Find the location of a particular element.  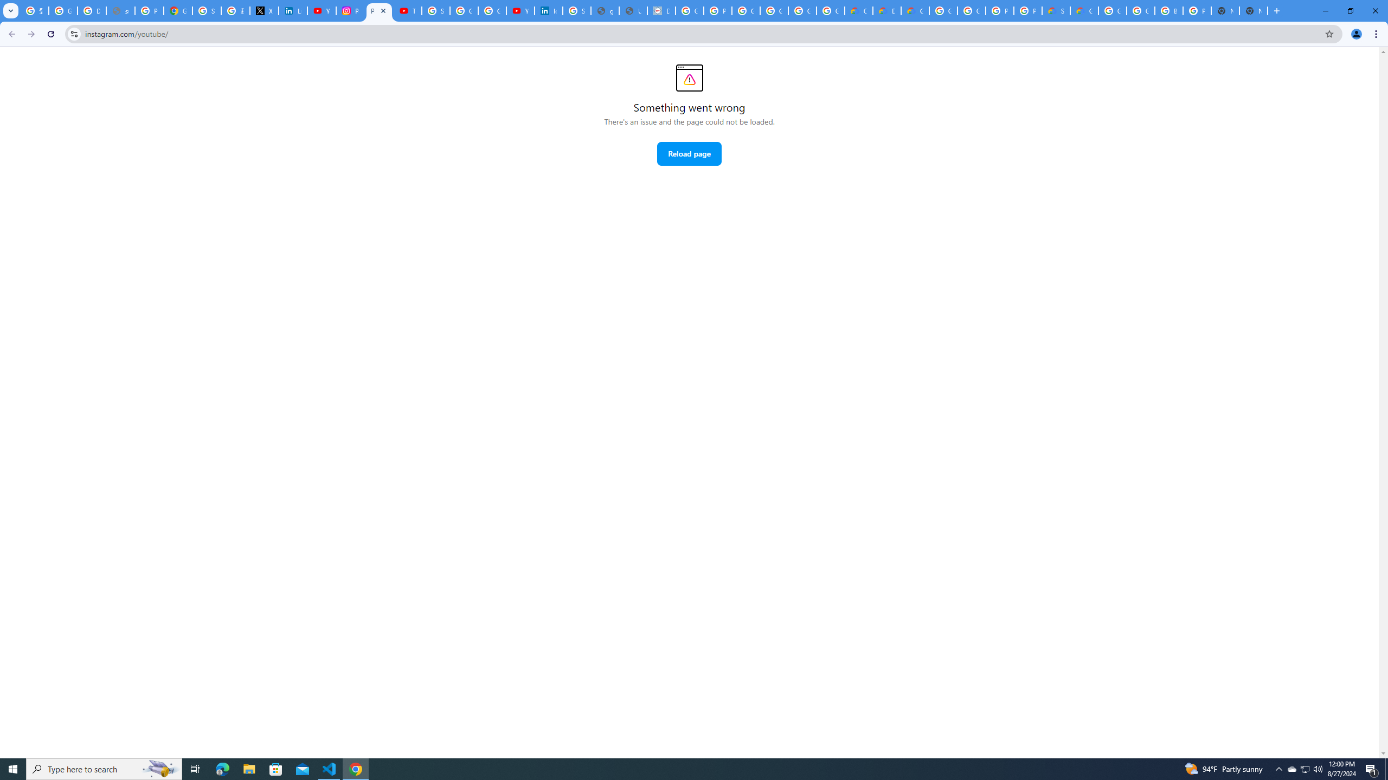

'Google Cloud Platform' is located at coordinates (971, 10).